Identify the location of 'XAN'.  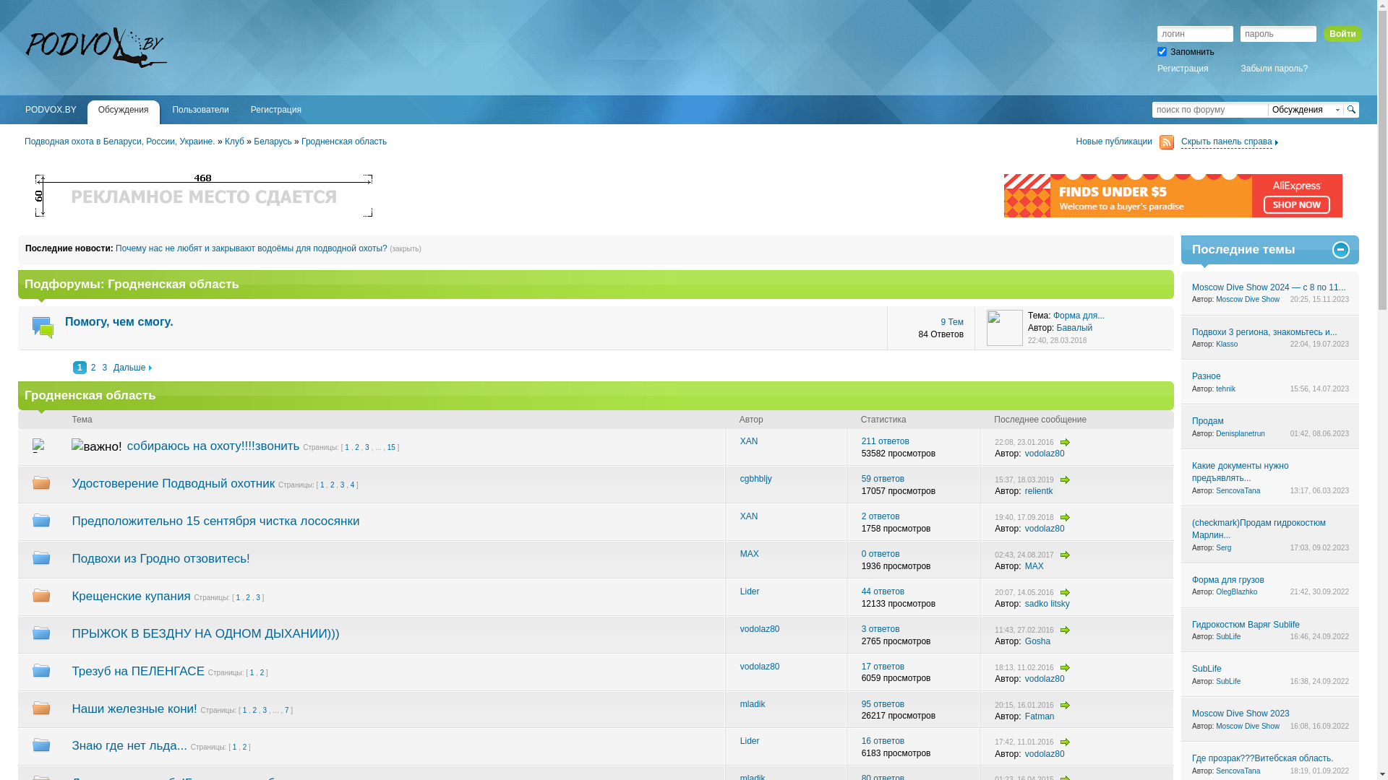
(749, 515).